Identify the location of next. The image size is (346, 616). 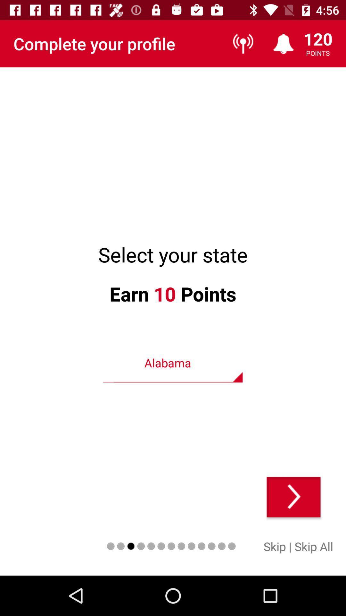
(293, 497).